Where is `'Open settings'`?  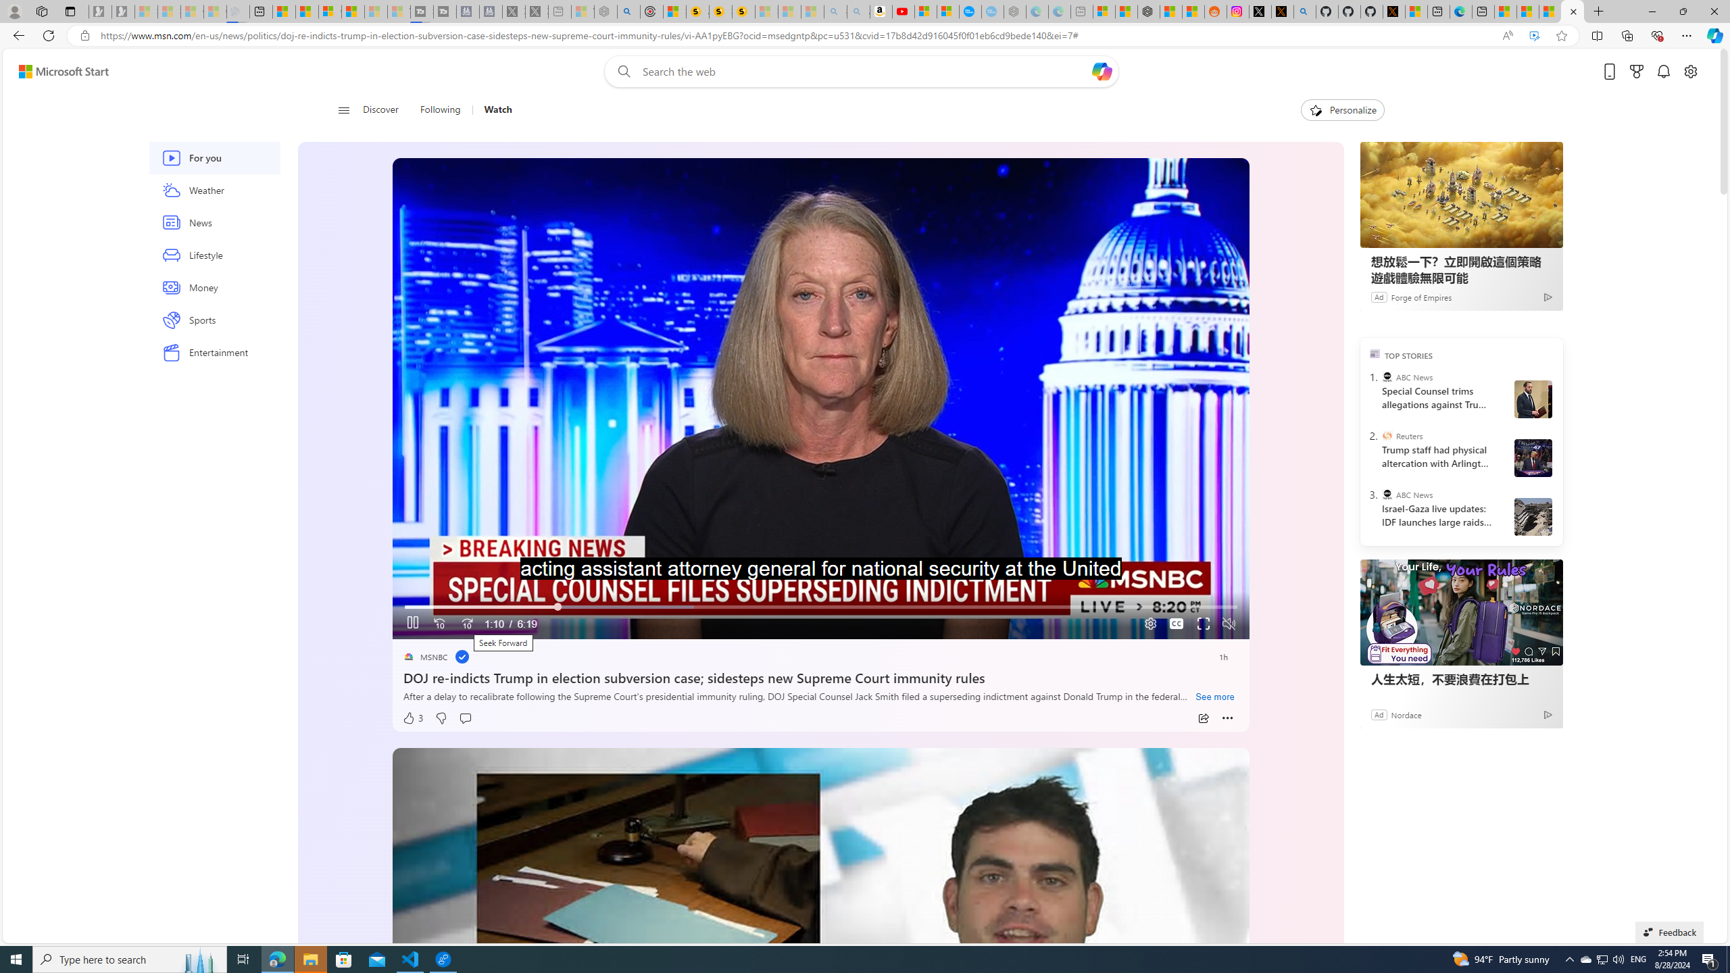
'Open settings' is located at coordinates (1691, 72).